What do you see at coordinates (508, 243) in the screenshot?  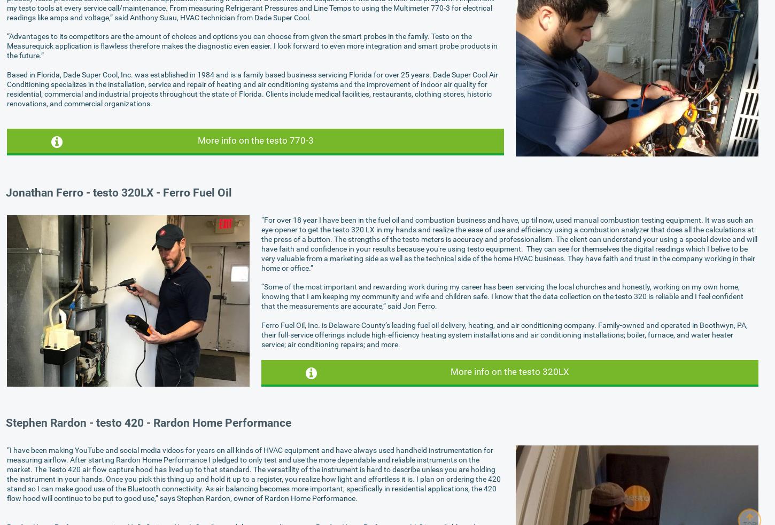 I see `'“For over 18 year I have been in the fuel oil and combustion business and have, up til now, used manual combustion testing equipment. It was such an eye-opener to get the testo 320 LX in my hands and realize the ease of use and efficiency using a combustion analyzer that does all the calculations at the press of a button. The strengths of the testo meters is accuracy and professionalism. The client can understand your using a special device and will have faith and confidence in your results because you're using testo equipment.  They can see for themselves the digital readings which I belive to be very valuable from a marketing side as well as the technical side of the home HVAC business. They have faith and trust in the company working in their home or office.”'` at bounding box center [508, 243].